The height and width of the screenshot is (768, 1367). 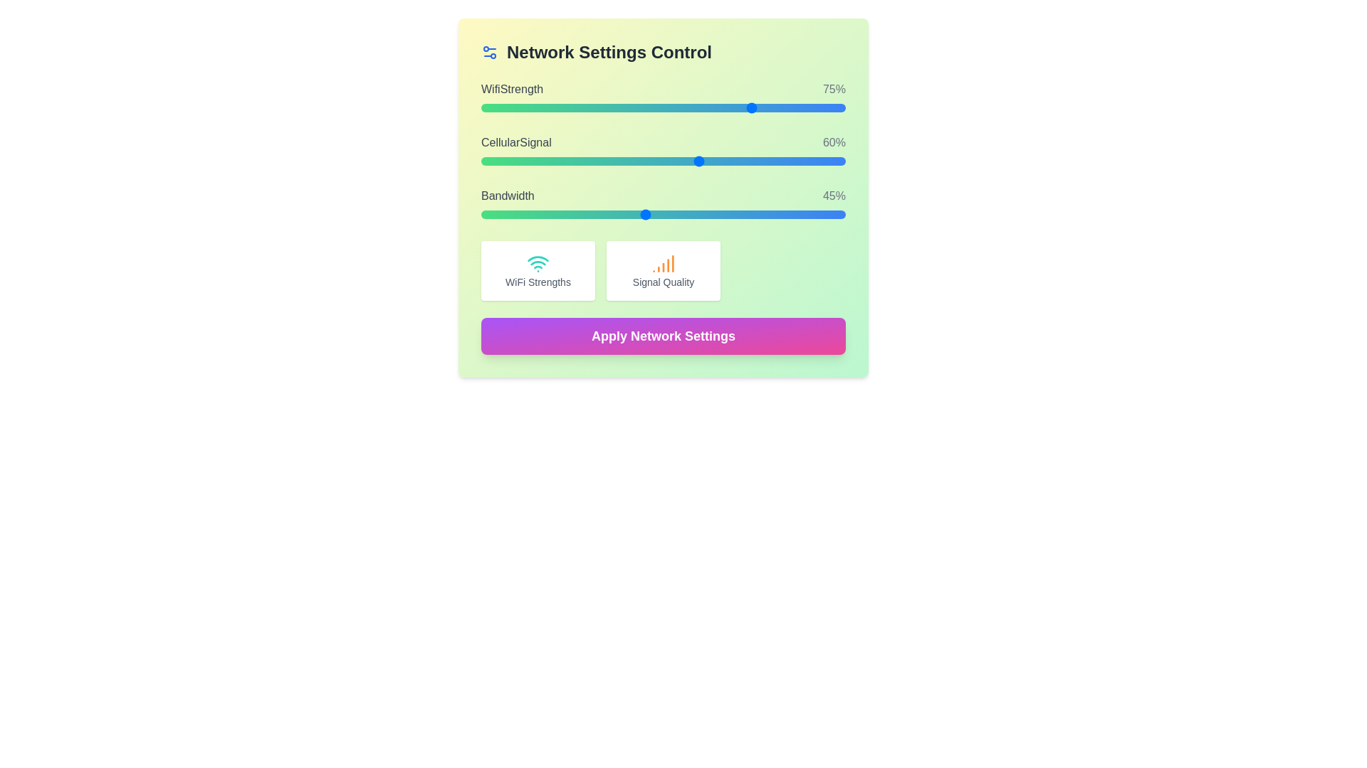 I want to click on WiFi strength, so click(x=503, y=107).